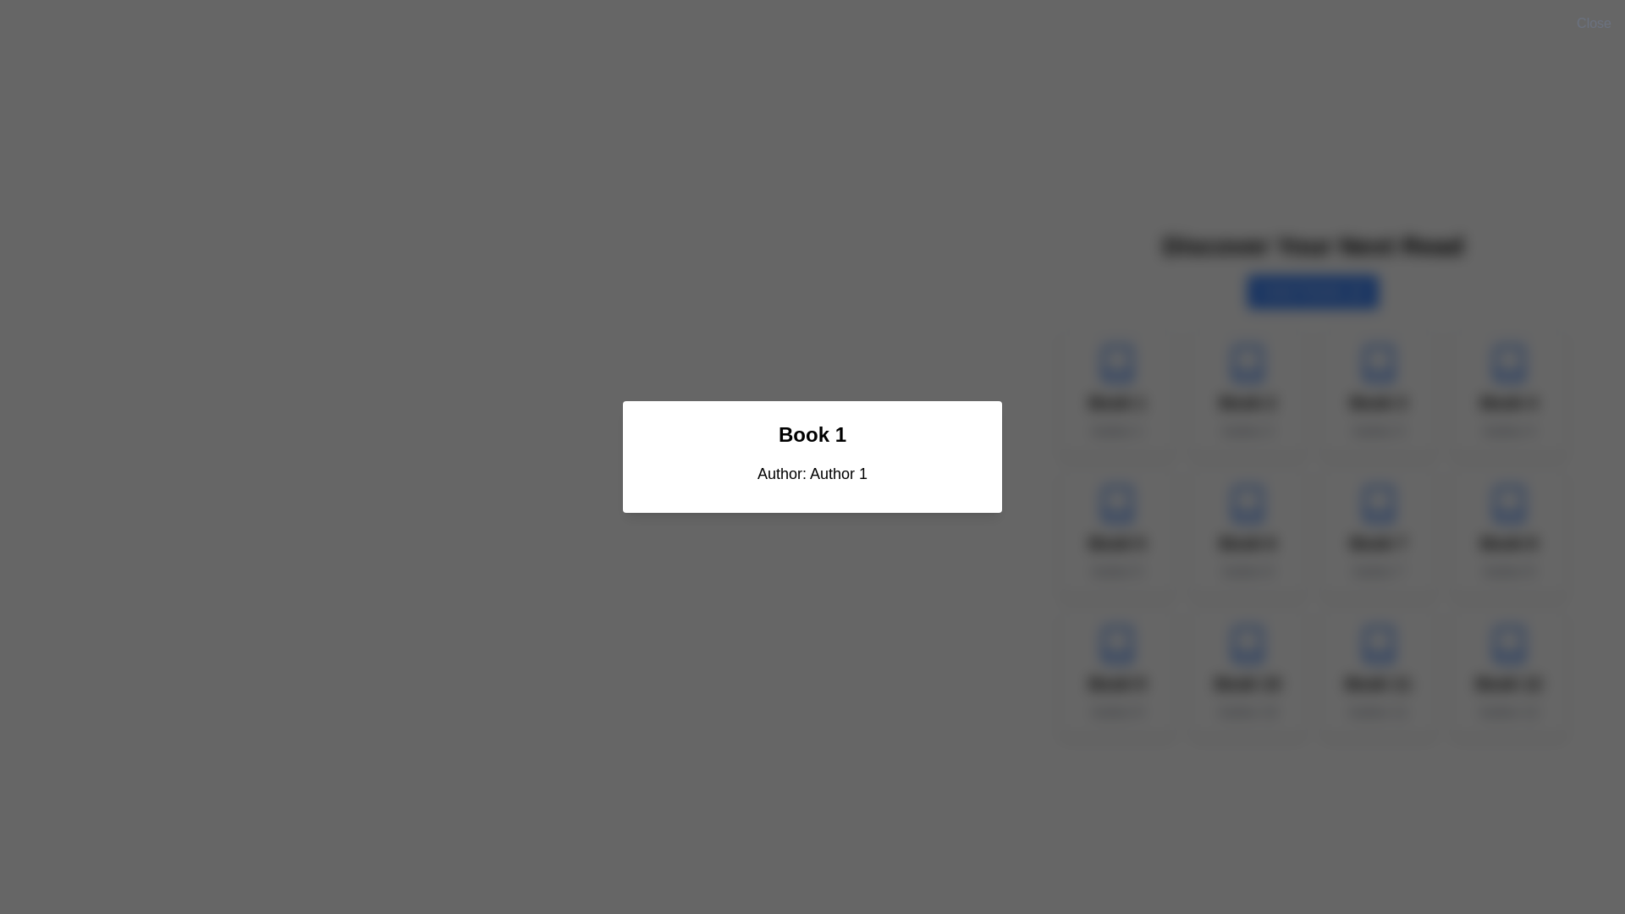 The height and width of the screenshot is (914, 1625). Describe the element at coordinates (1312, 531) in the screenshot. I see `the book card located in the second row and third column of the grid` at that location.